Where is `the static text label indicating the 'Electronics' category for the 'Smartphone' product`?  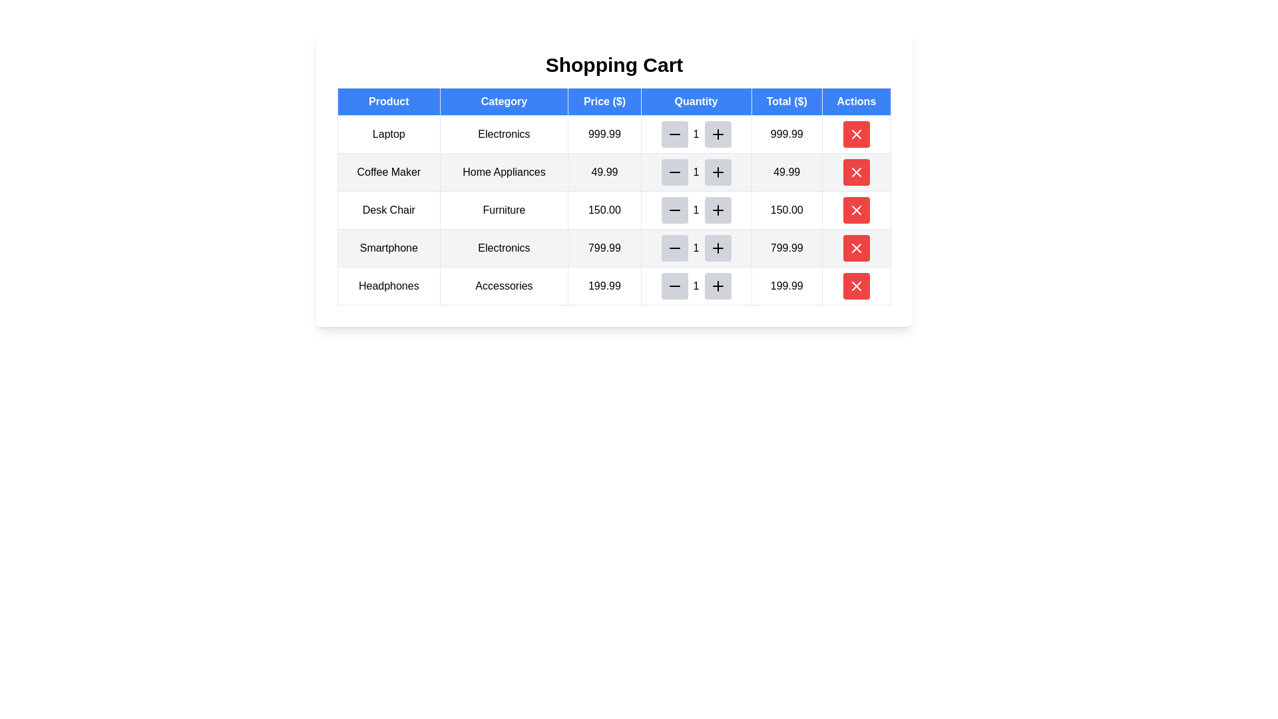
the static text label indicating the 'Electronics' category for the 'Smartphone' product is located at coordinates (503, 248).